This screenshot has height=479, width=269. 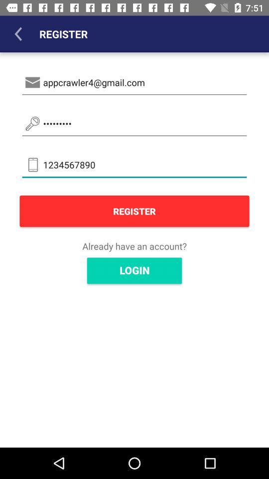 I want to click on item below appcrawler4@gmail.com icon, so click(x=134, y=123).